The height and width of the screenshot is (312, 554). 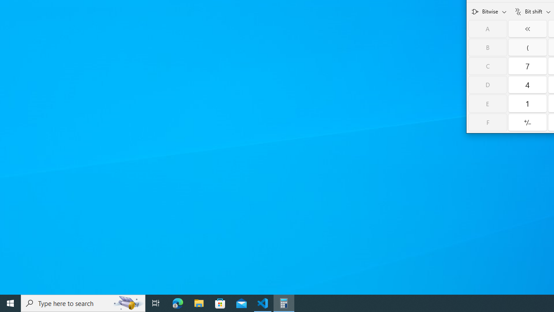 What do you see at coordinates (527, 65) in the screenshot?
I see `'Seven'` at bounding box center [527, 65].